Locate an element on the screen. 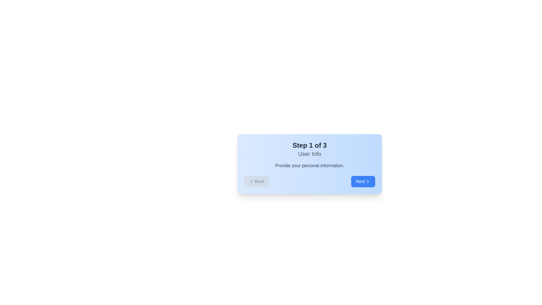 The width and height of the screenshot is (542, 305). the 'User Info' static text label, which is displayed in gray with a larger font size, positioned below 'Step 1 of 3' in a modal-like UI interface is located at coordinates (309, 154).